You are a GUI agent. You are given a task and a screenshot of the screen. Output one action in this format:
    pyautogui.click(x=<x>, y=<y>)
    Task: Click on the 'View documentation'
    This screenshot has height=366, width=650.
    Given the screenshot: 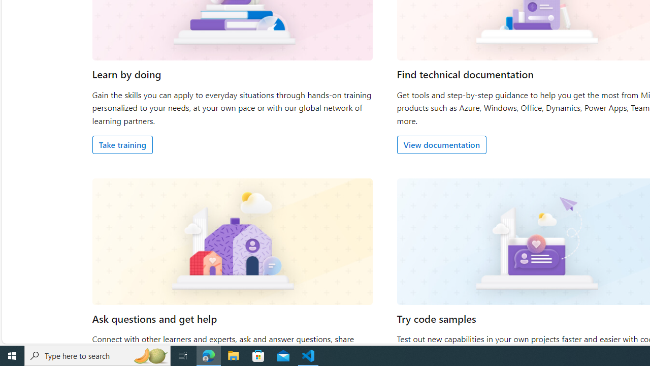 What is the action you would take?
    pyautogui.click(x=441, y=144)
    